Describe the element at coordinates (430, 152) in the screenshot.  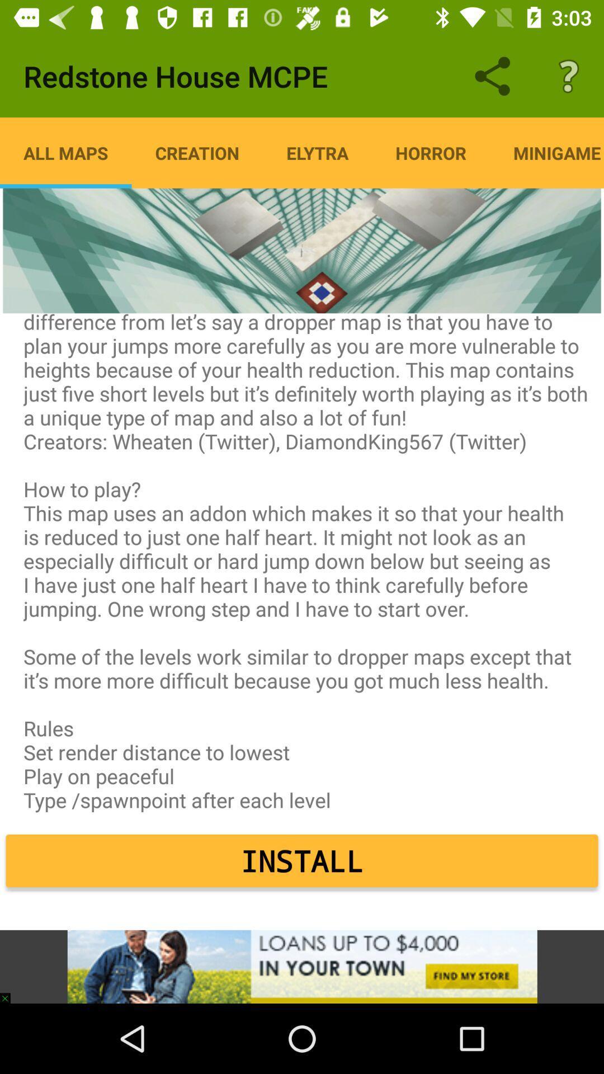
I see `the item next to minigame item` at that location.